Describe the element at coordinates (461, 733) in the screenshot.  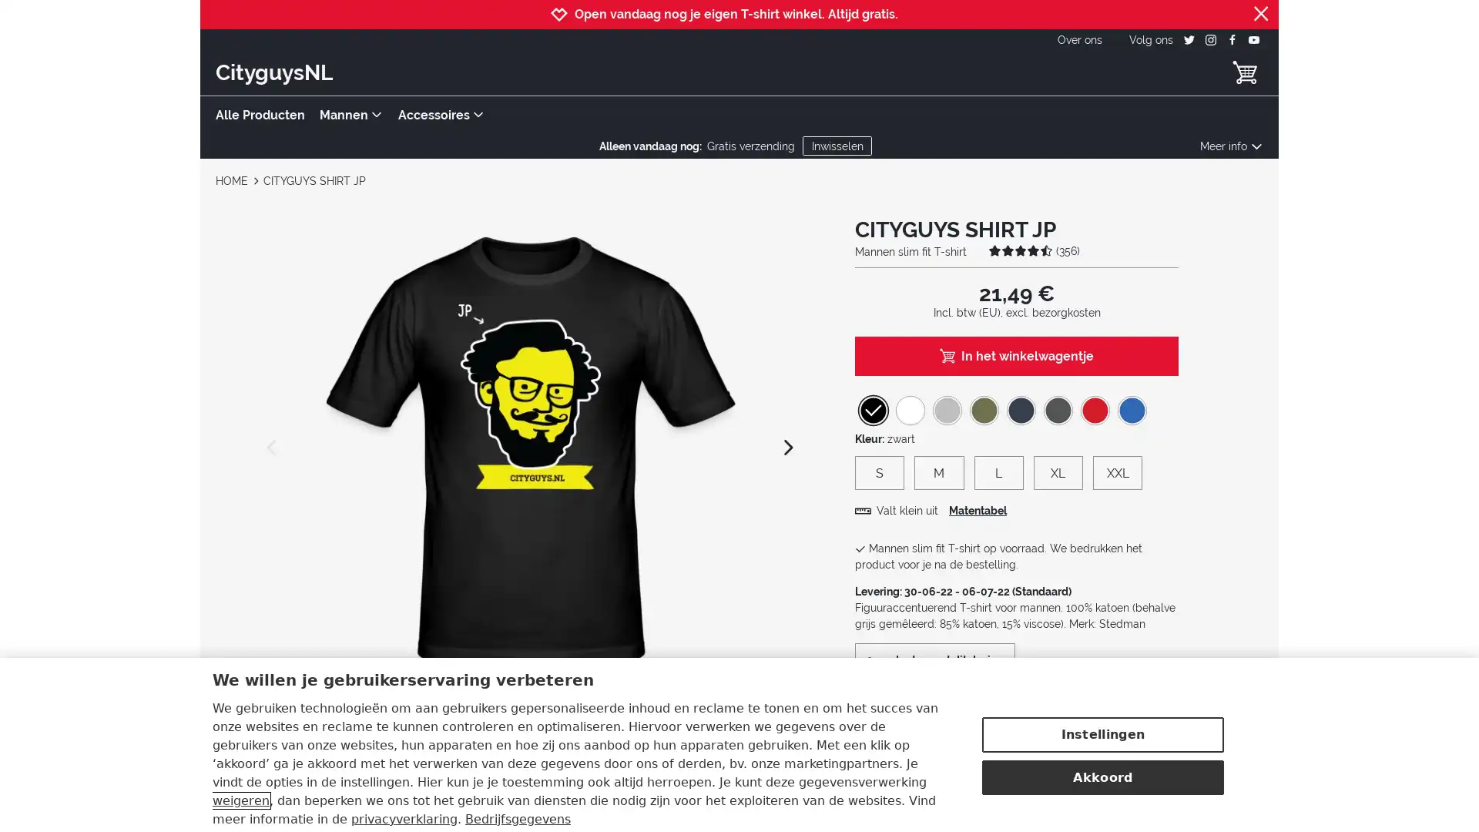
I see `CITYGUYS SHIRT JP view 2` at that location.